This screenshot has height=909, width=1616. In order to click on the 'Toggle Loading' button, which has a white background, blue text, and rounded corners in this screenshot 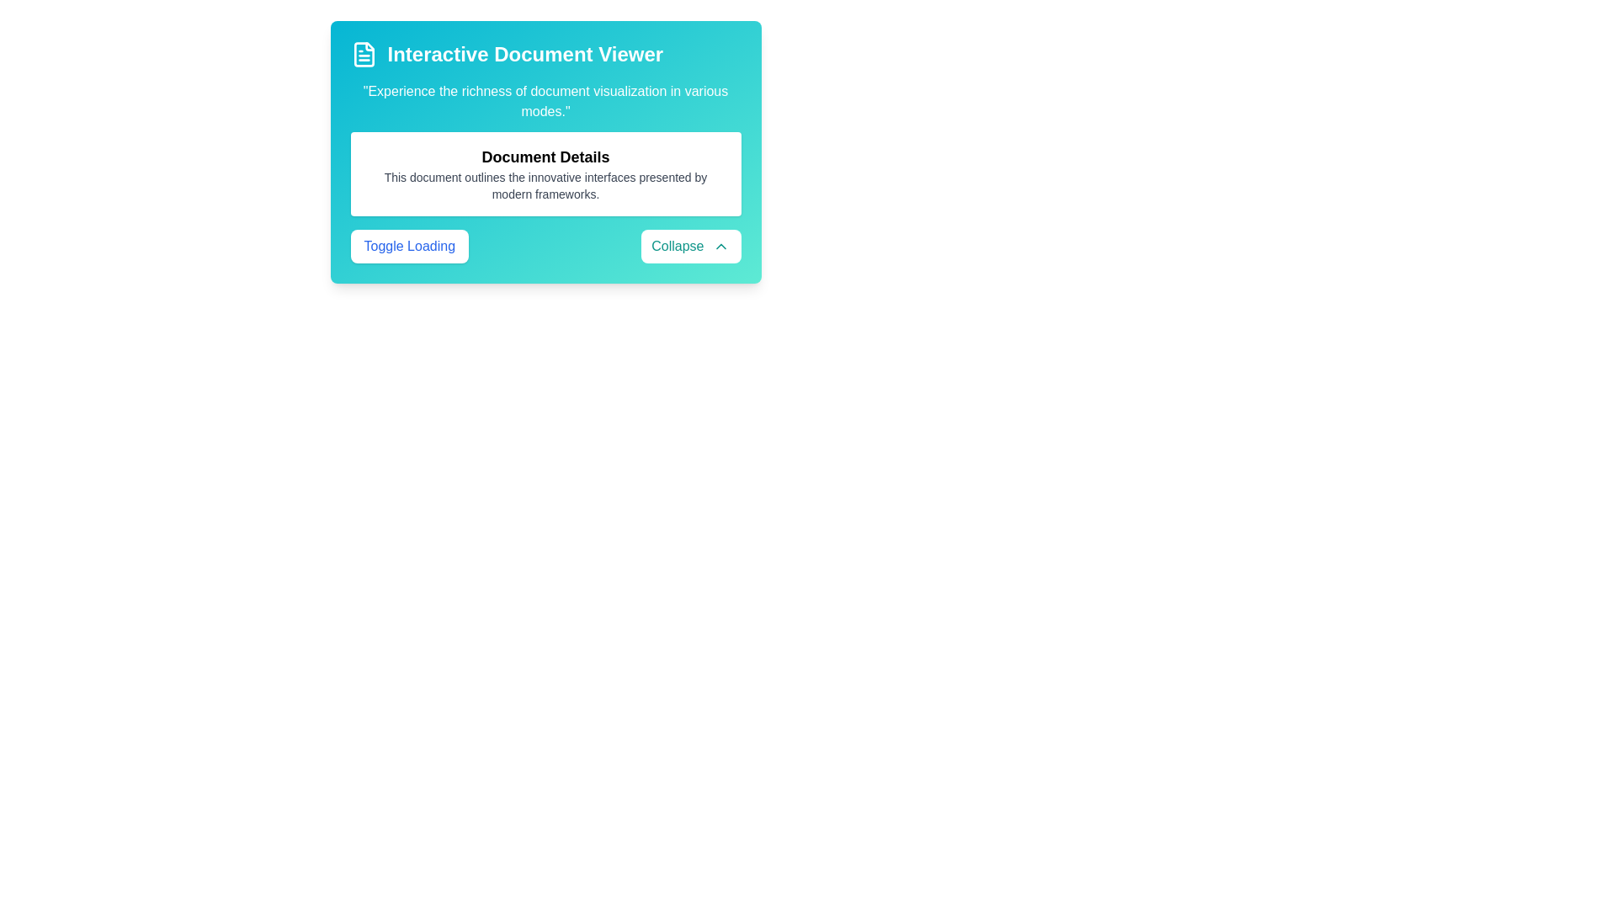, I will do `click(409, 247)`.